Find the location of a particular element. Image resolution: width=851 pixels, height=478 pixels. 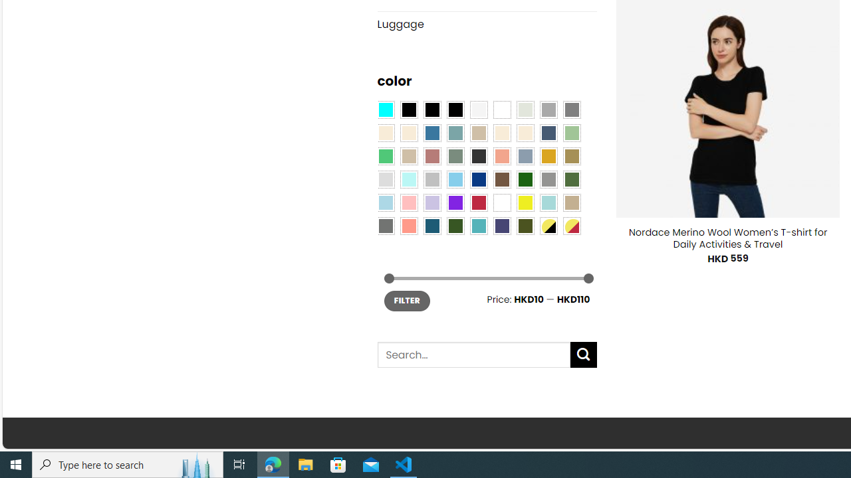

'Charcoal' is located at coordinates (479, 155).